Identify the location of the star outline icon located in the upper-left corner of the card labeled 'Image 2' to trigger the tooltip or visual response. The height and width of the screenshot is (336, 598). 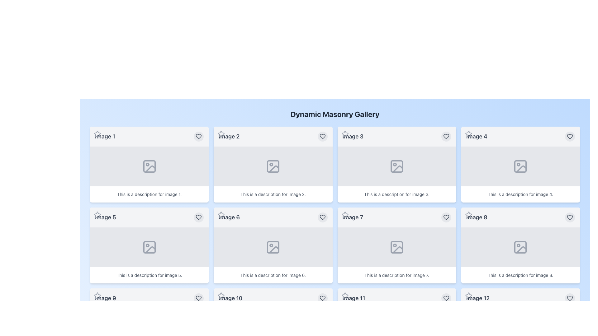
(221, 133).